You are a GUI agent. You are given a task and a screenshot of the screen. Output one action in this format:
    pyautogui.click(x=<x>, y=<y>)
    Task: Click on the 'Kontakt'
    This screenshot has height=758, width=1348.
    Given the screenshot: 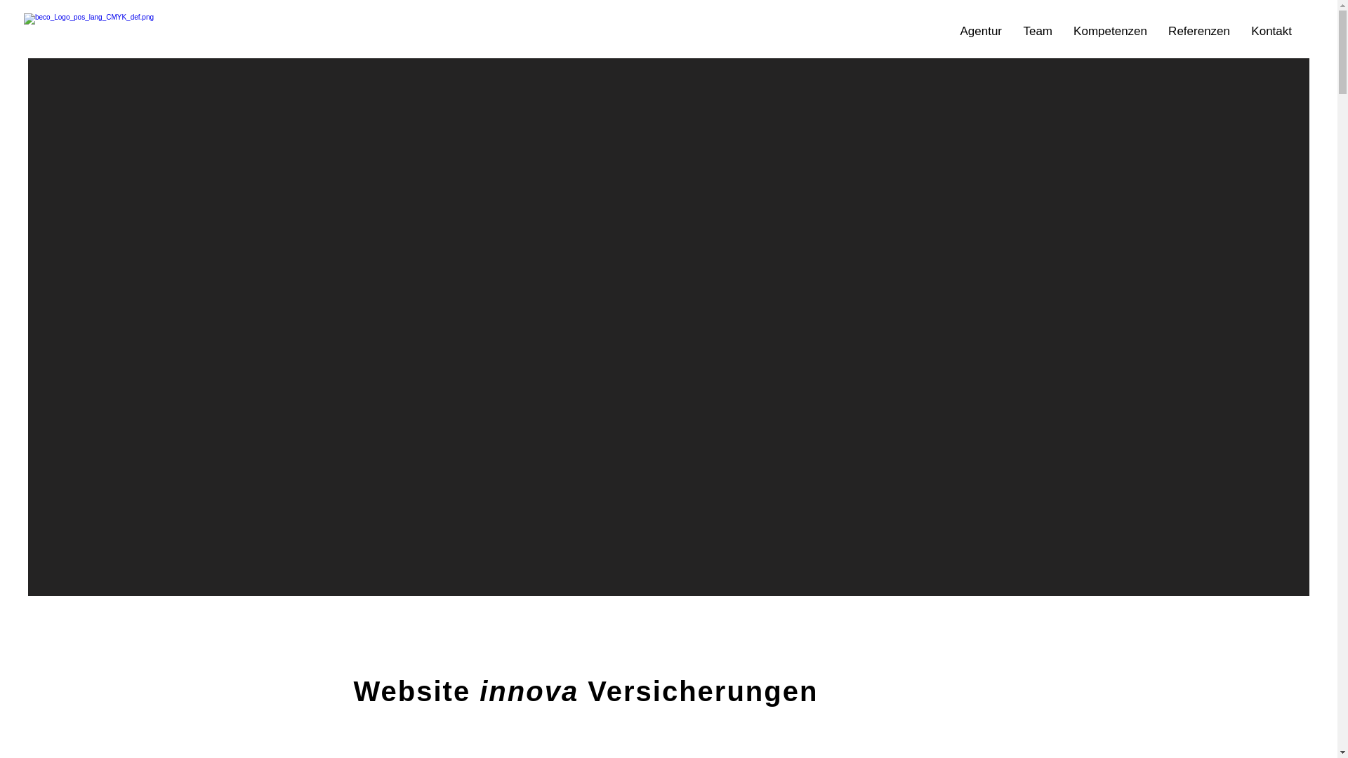 What is the action you would take?
    pyautogui.click(x=1271, y=32)
    